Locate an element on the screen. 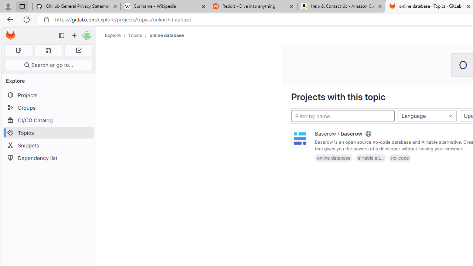  'airtable alt...' is located at coordinates (371, 157).